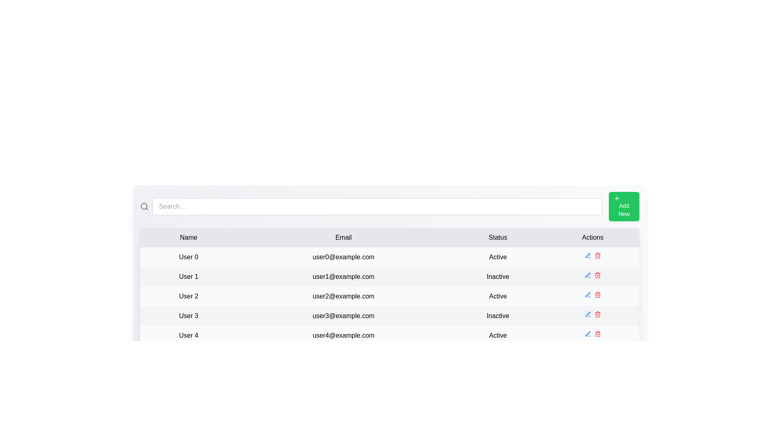 The width and height of the screenshot is (784, 441). I want to click on the delete icon for the row corresponding to User 2, so click(597, 294).